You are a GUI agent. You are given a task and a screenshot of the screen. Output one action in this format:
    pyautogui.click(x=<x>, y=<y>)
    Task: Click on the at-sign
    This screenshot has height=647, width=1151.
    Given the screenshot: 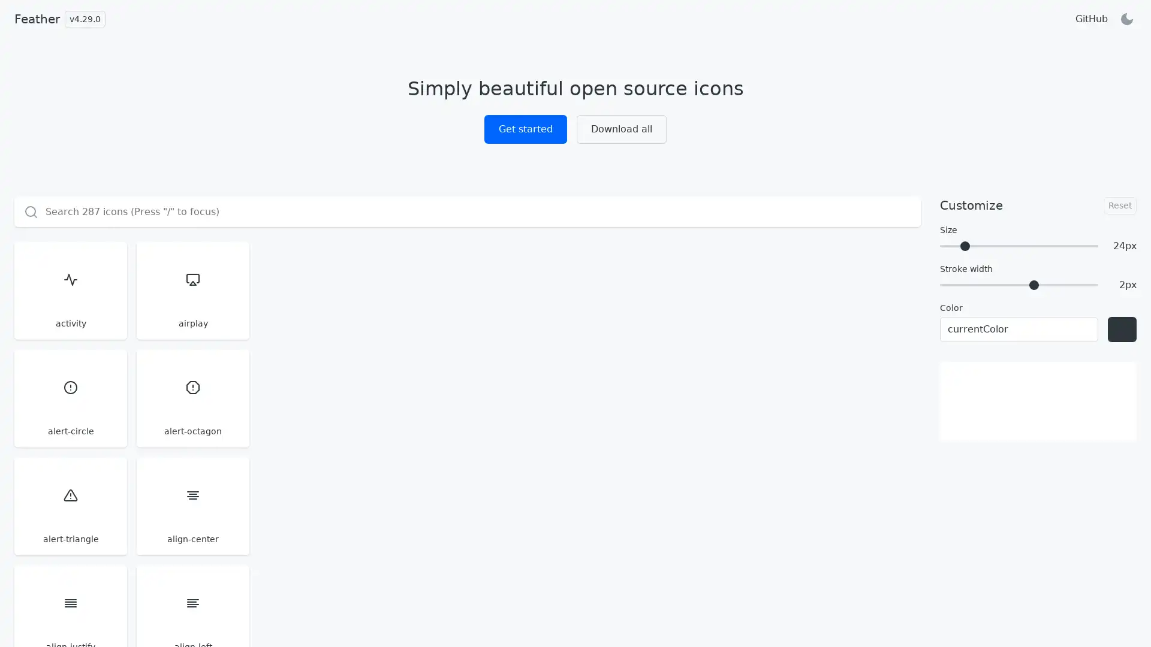 What is the action you would take?
    pyautogui.click(x=670, y=506)
    